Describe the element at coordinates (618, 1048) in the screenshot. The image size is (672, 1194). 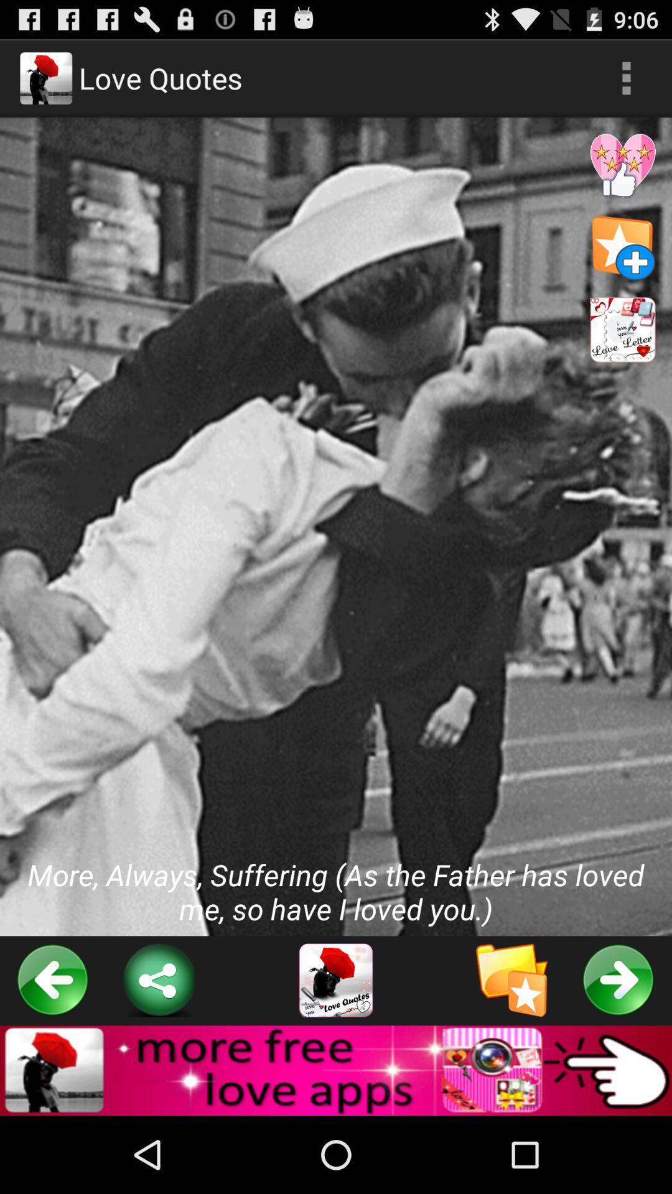
I see `the arrow_forward icon` at that location.